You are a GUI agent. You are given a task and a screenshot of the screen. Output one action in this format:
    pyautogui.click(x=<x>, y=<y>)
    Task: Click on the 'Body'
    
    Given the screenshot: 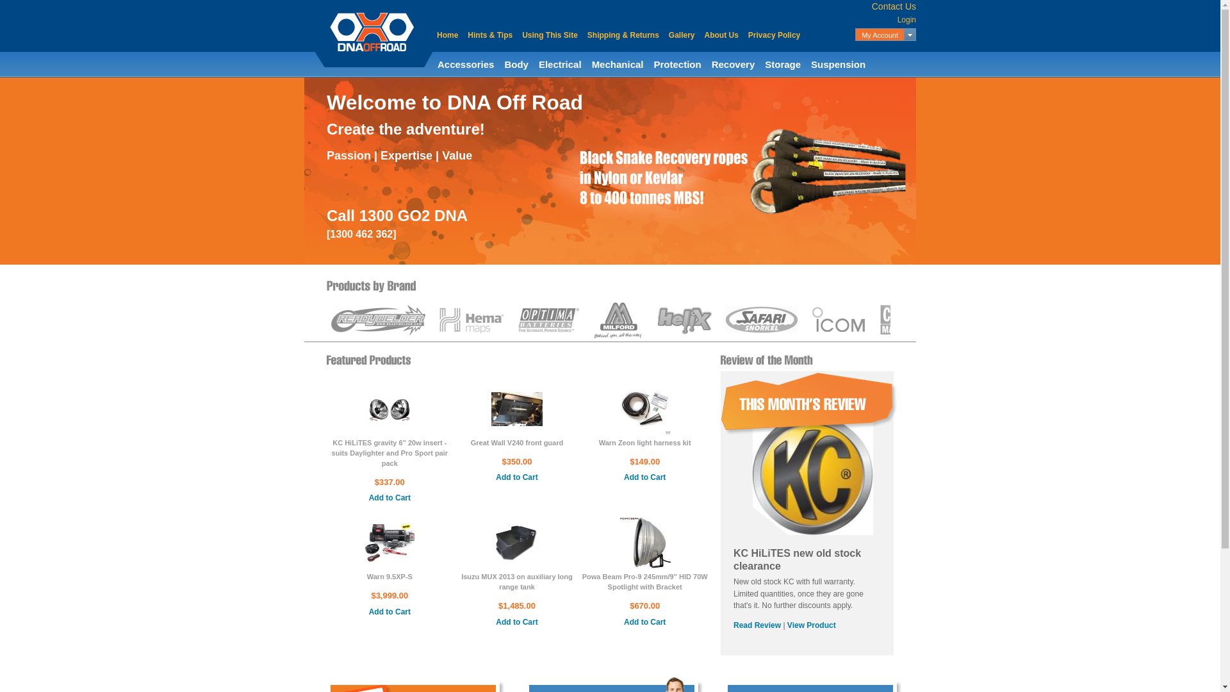 What is the action you would take?
    pyautogui.click(x=516, y=64)
    